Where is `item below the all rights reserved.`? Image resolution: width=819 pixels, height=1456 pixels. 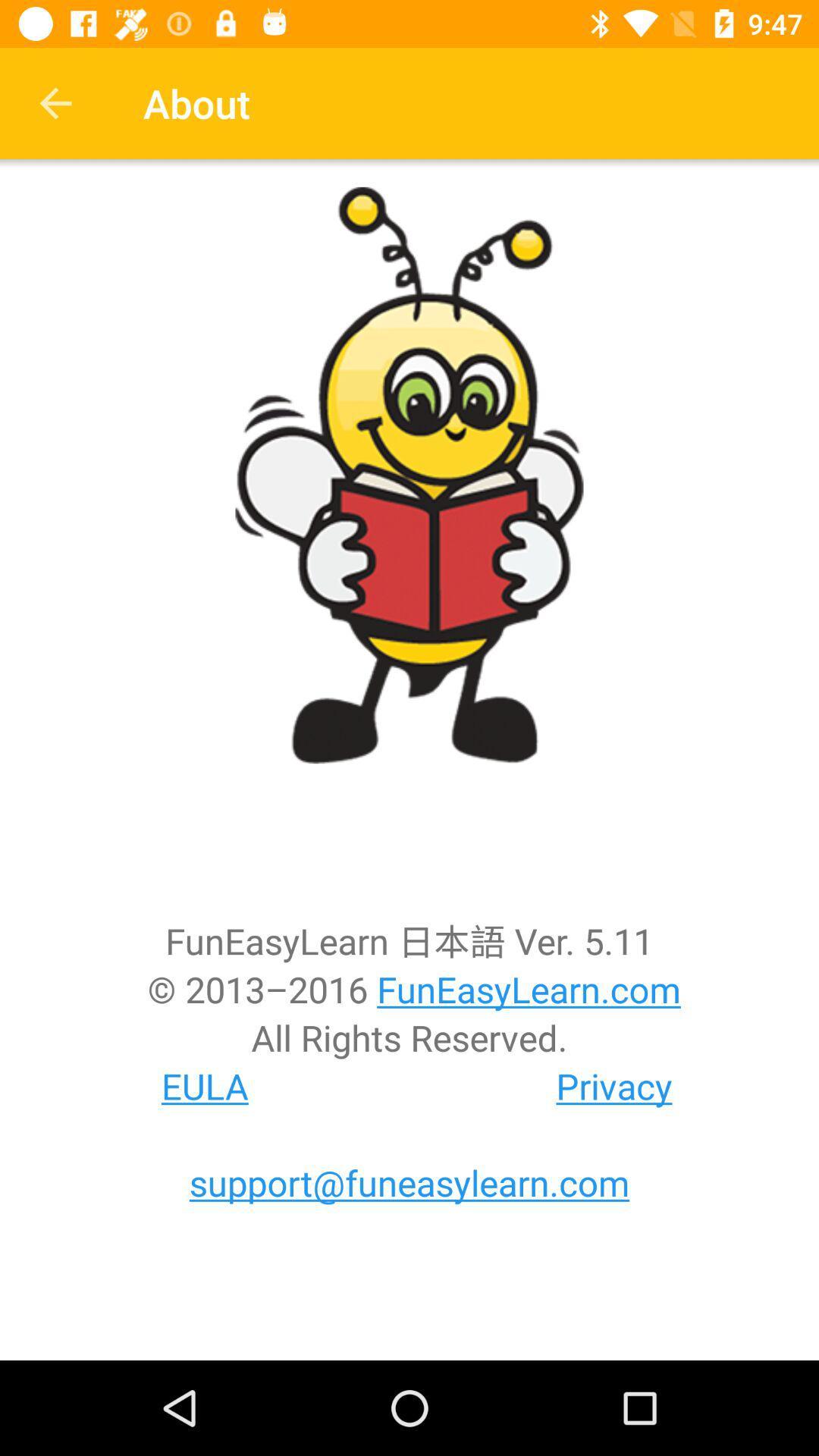
item below the all rights reserved. is located at coordinates (205, 1085).